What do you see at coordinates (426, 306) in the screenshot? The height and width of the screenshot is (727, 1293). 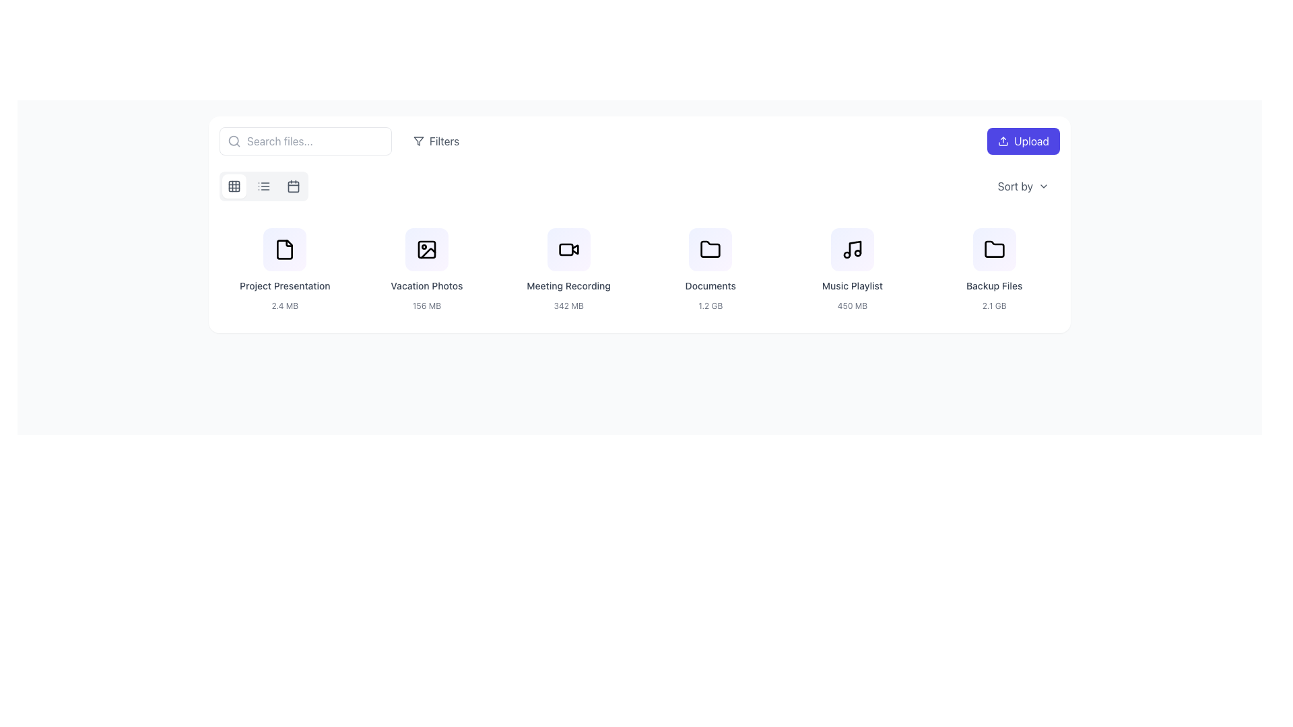 I see `displayed information from the text label showing '156 MB', which is styled in small gray font and located beneath the 'Vacation Photos' label` at bounding box center [426, 306].